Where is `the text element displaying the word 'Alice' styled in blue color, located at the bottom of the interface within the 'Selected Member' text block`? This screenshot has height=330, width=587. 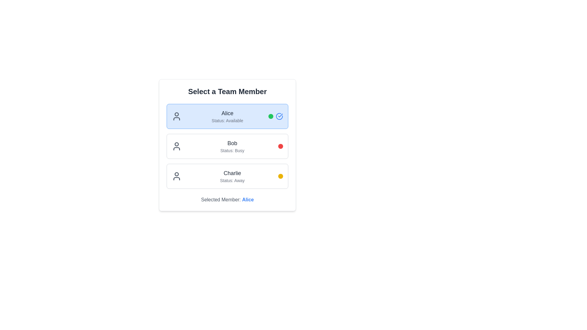
the text element displaying the word 'Alice' styled in blue color, located at the bottom of the interface within the 'Selected Member' text block is located at coordinates (248, 200).